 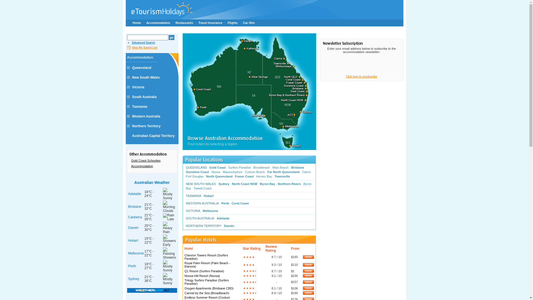 I want to click on 'Noosa Hill Resort (Noosa)', so click(x=202, y=275).